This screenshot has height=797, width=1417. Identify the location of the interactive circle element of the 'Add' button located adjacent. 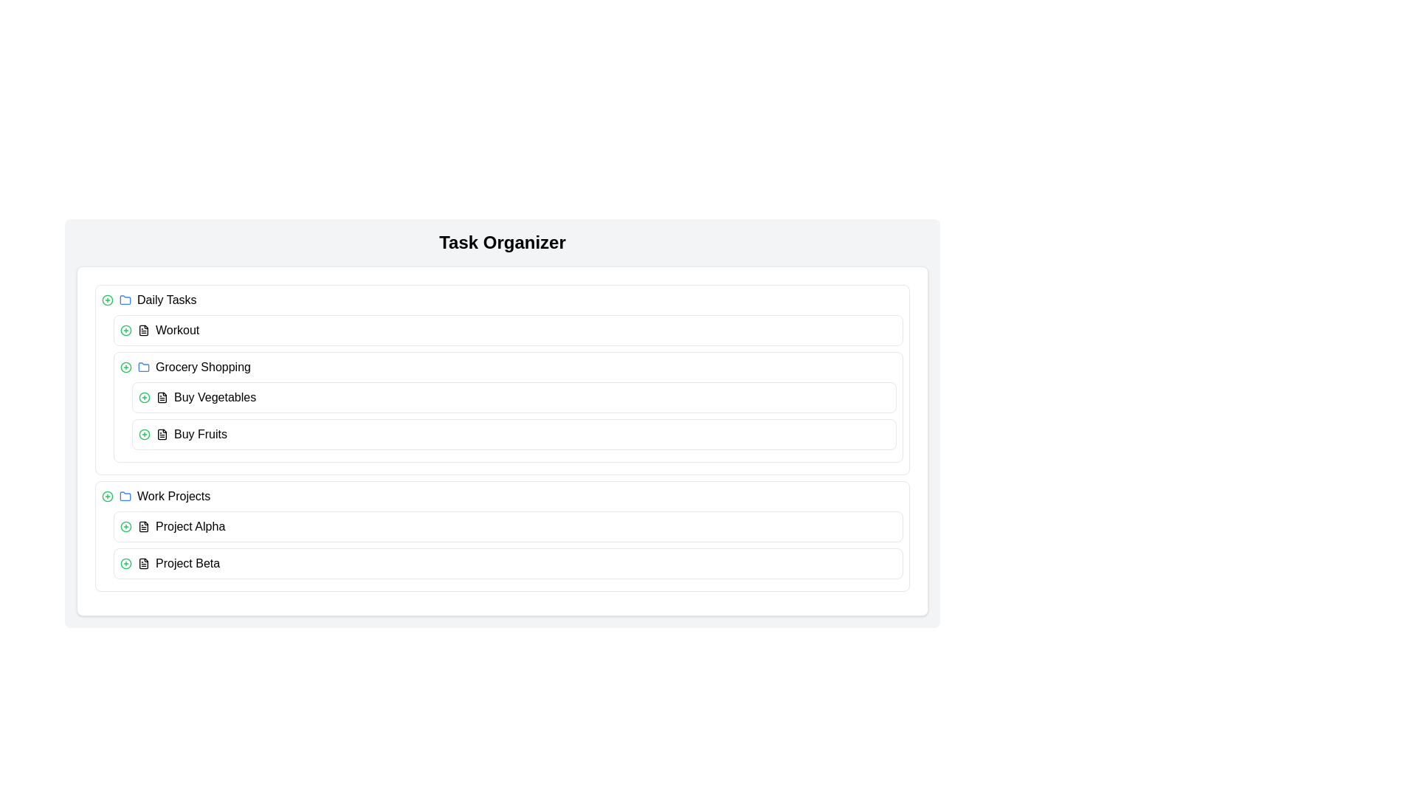
(106, 300).